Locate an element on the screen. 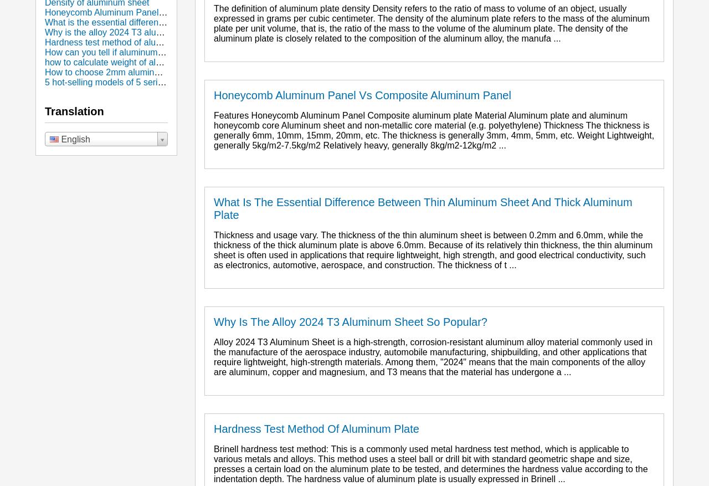 Image resolution: width=709 pixels, height=486 pixels. 'Features
Honeycomb Aluminum Panel
Composite aluminum plate Material
Aluminum plate and aluminum honeycomb core
Aluminum sheet and non-metallic core material (e.g. polyethylene) Thickness
The thickness is generally 6mm, 10mm, 15mm, 20mm, etc.
The thickness is generally 3mm, 4mm, 5mm, etc. Weight
Lightweight, generally 5kg/m2-7.5kg/m2
Relatively heavy, generally 8kg/m2-12kg/m2 ...' is located at coordinates (433, 130).